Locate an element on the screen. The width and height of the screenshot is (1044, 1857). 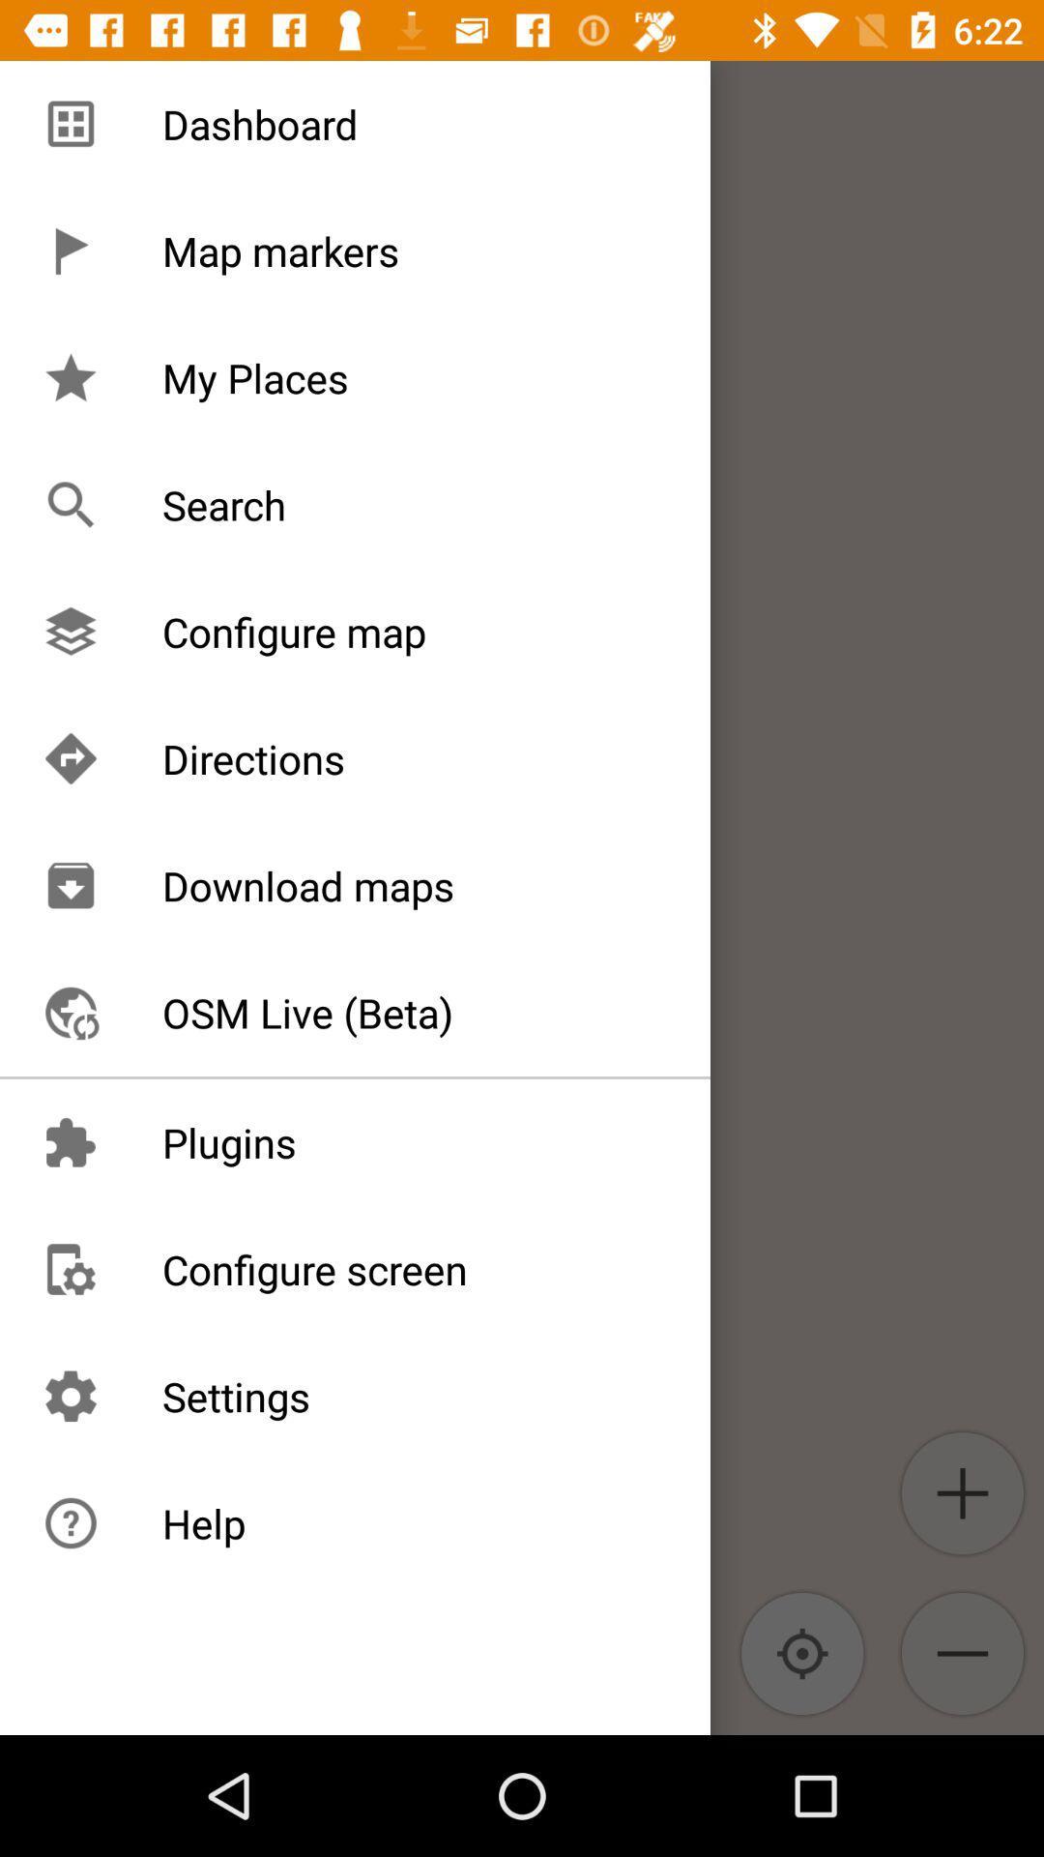
the add icon is located at coordinates (962, 1492).